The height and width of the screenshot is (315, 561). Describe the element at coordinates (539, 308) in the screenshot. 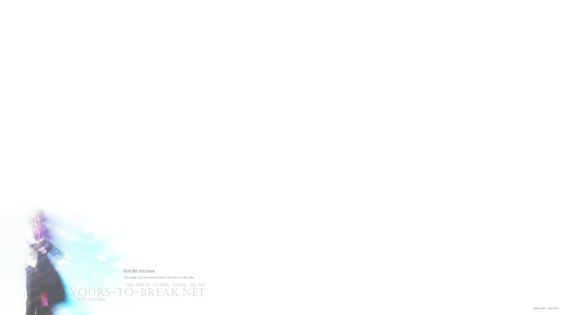

I see `'Valid HTML'` at that location.